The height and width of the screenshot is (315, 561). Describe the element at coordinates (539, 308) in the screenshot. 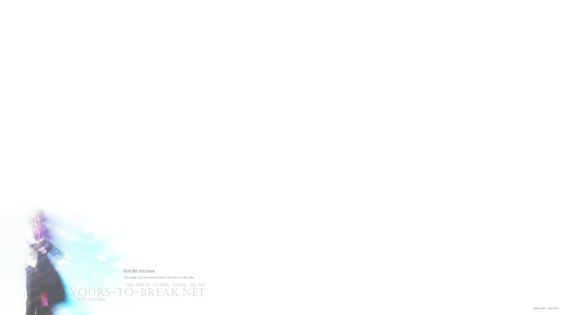

I see `'Valid HTML'` at that location.